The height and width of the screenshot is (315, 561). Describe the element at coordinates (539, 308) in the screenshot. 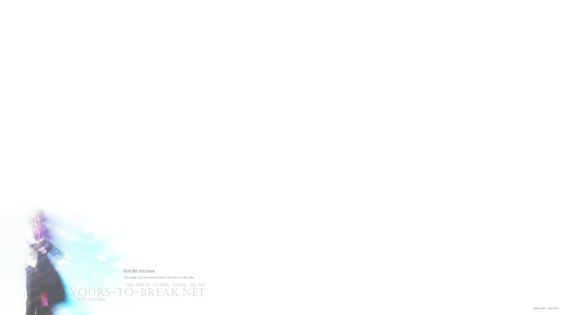

I see `'Valid HTML'` at that location.